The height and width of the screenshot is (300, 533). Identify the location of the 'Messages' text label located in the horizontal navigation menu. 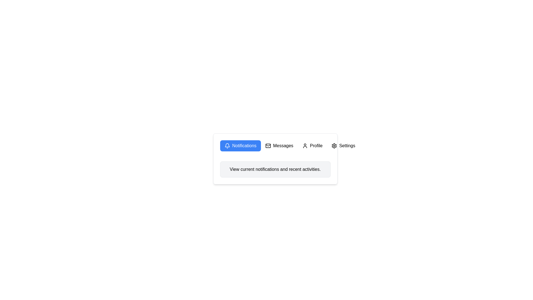
(283, 145).